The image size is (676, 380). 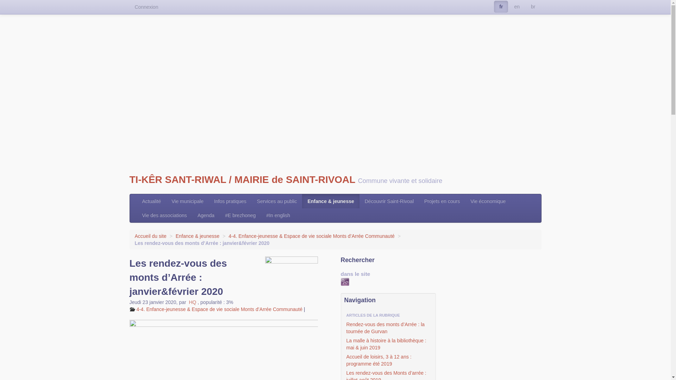 What do you see at coordinates (146, 7) in the screenshot?
I see `'Connexion'` at bounding box center [146, 7].